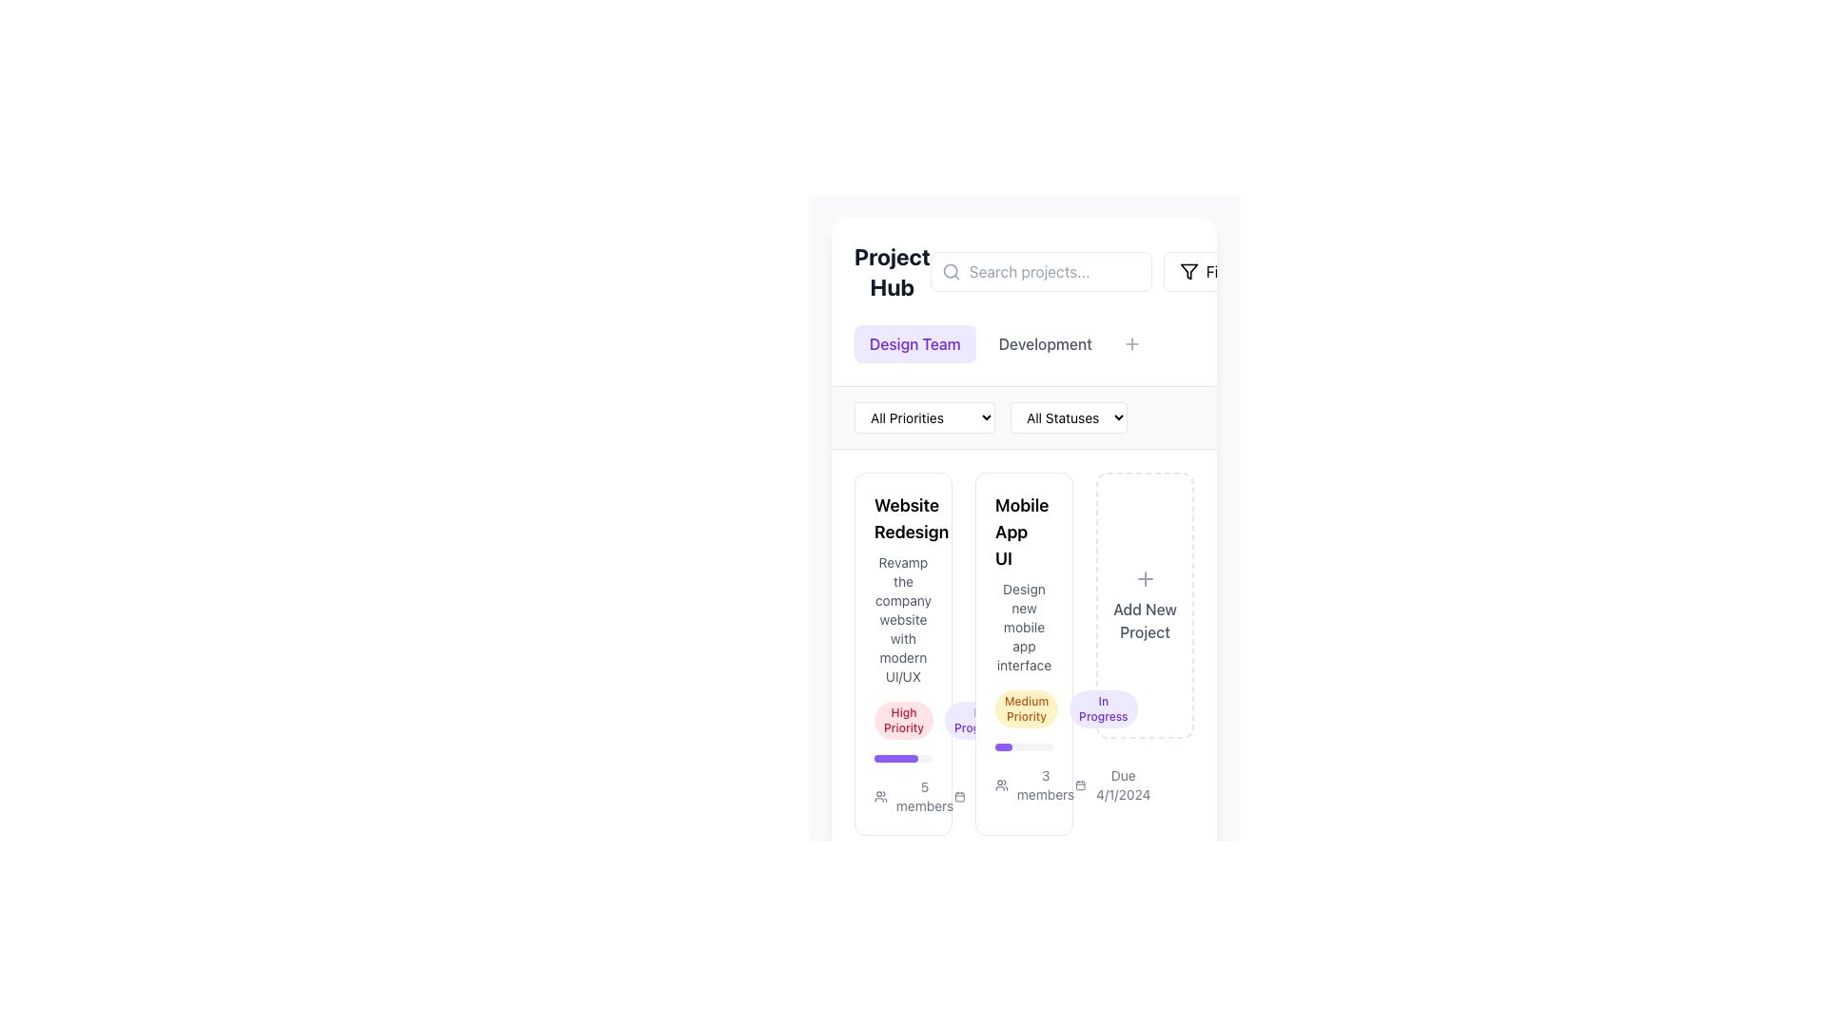  What do you see at coordinates (1023, 344) in the screenshot?
I see `the 'Development' button, which is a rectangular button with gray text, located centrally among a group of buttons` at bounding box center [1023, 344].